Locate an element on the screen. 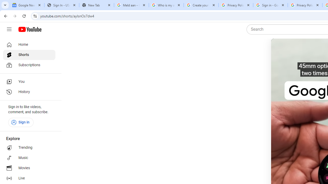  'Google News' is located at coordinates (26, 5).